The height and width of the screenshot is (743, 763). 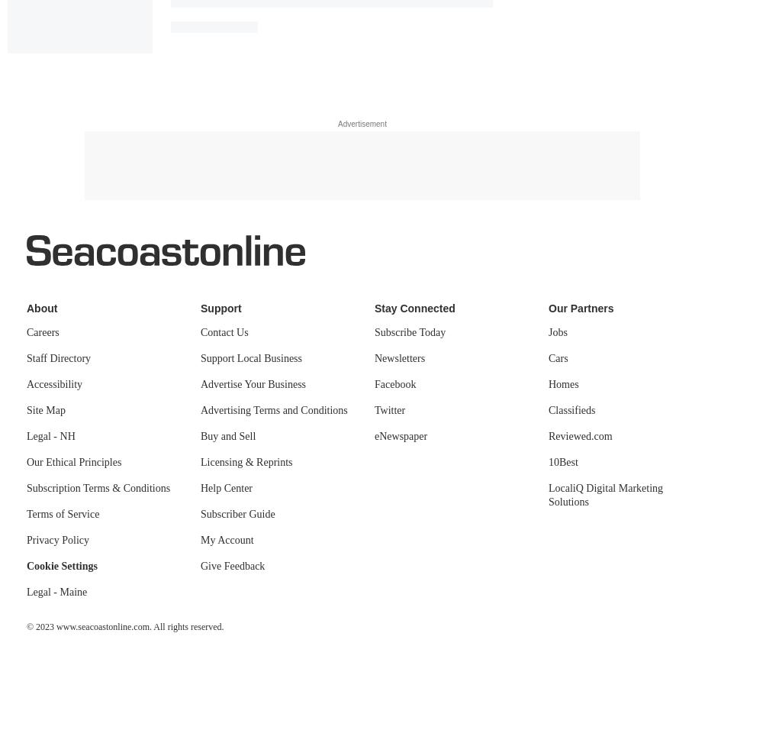 I want to click on 'Newsletters', so click(x=400, y=358).